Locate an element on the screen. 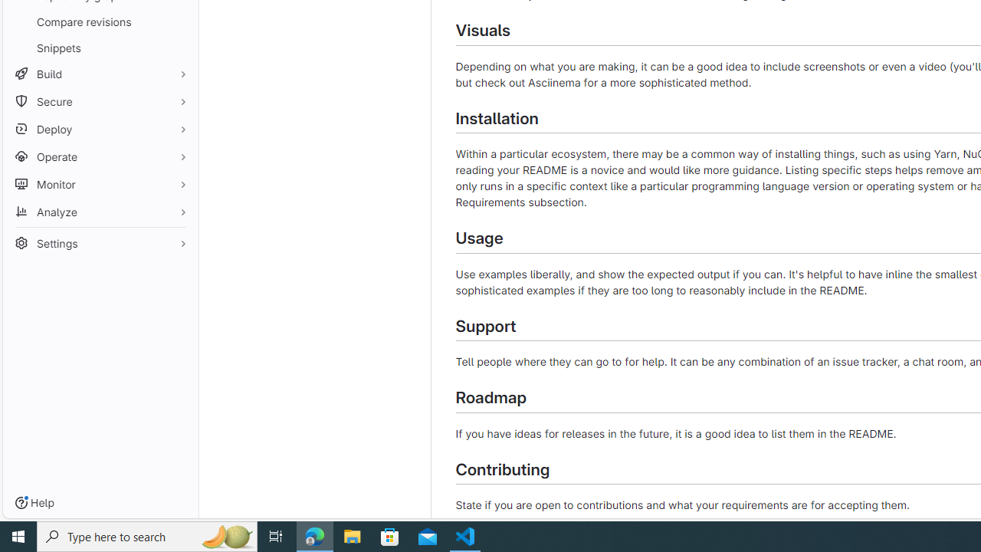 This screenshot has width=981, height=552. 'Pin Compare revisions' is located at coordinates (179, 21).